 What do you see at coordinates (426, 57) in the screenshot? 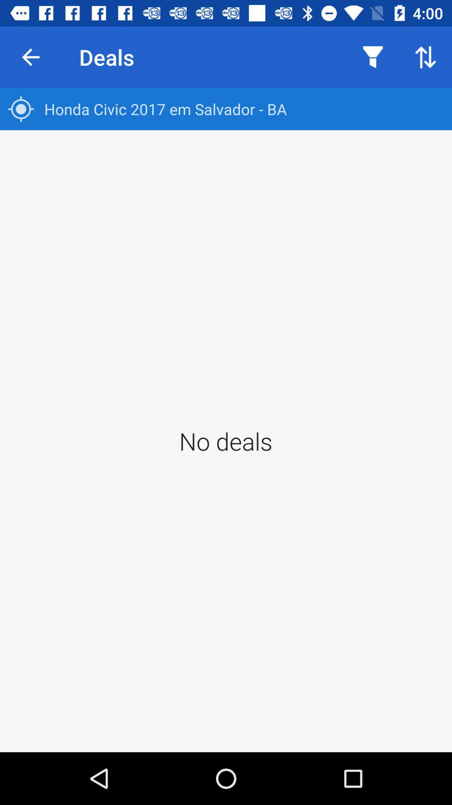
I see `item above the honda civic 2017 item` at bounding box center [426, 57].